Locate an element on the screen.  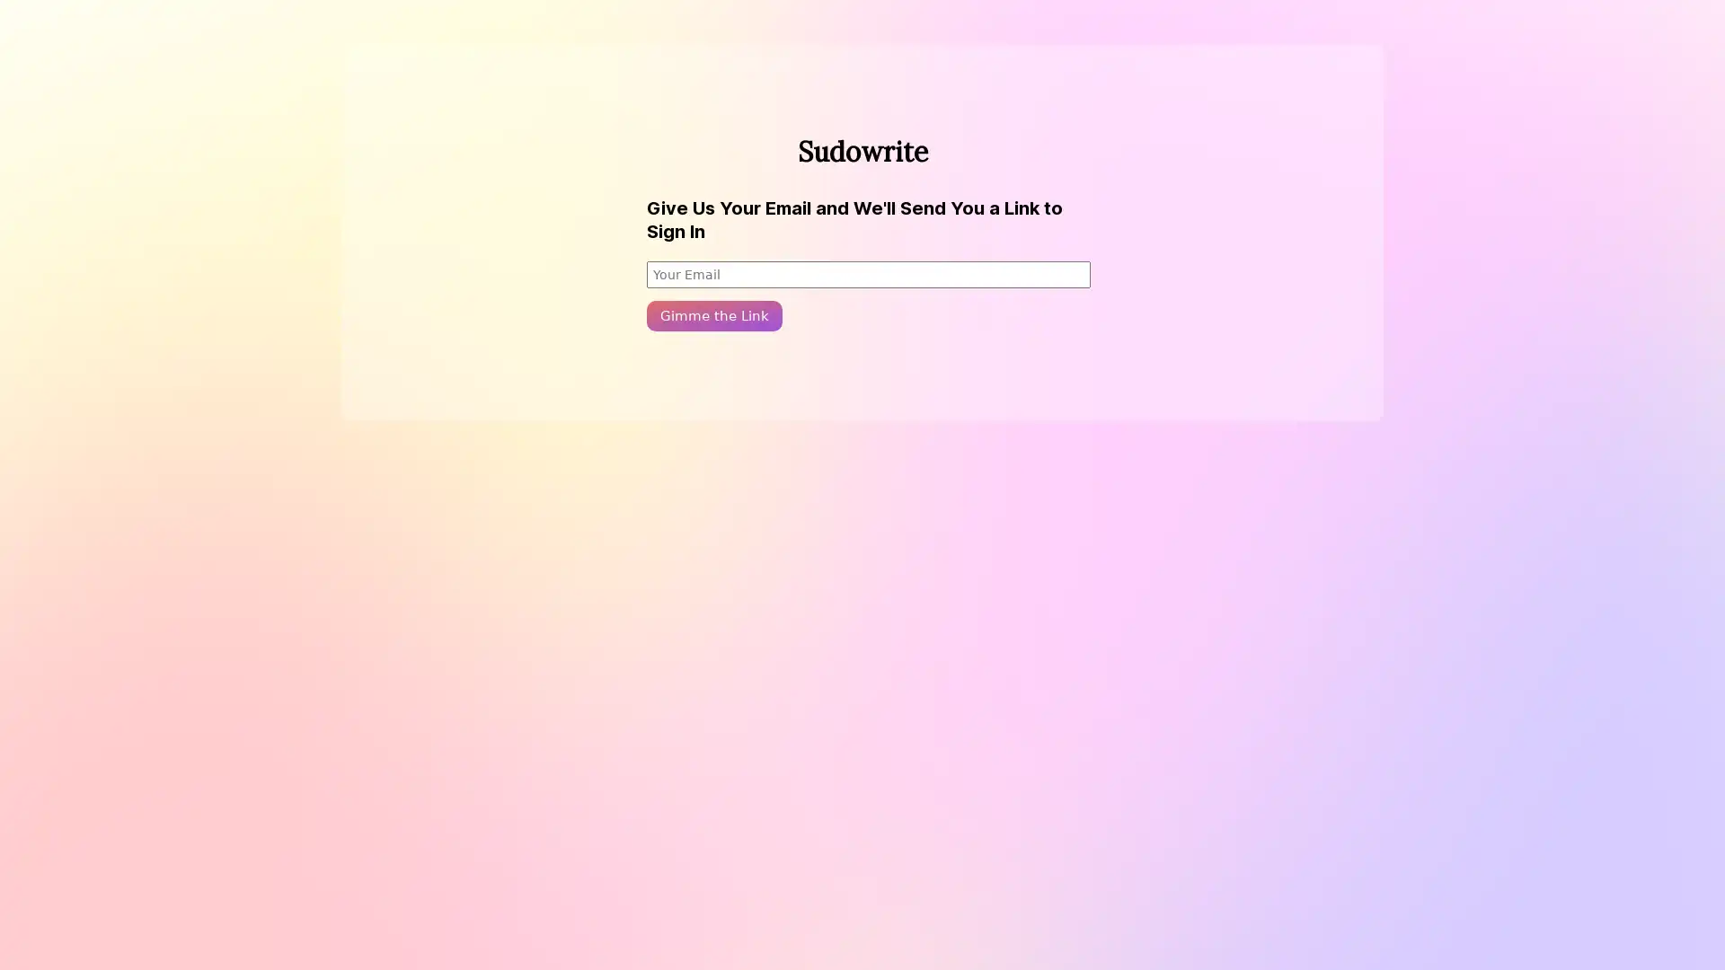
Gimme the Link is located at coordinates (713, 314).